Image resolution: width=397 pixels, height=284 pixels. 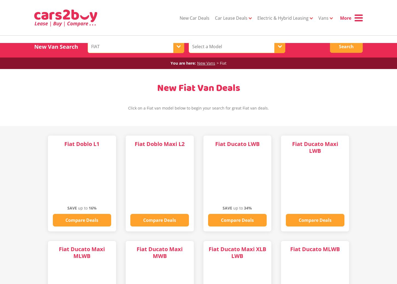 What do you see at coordinates (232, 18) in the screenshot?
I see `'Car Lease Deals'` at bounding box center [232, 18].